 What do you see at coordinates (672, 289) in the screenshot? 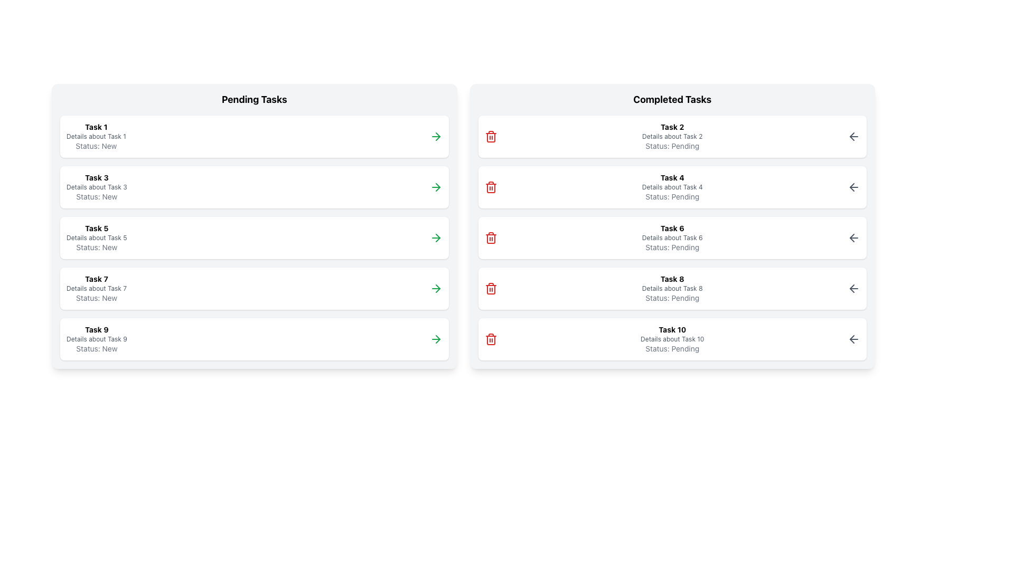
I see `the text label providing additional details about 'Task 8', positioned below its title and above the status information` at bounding box center [672, 289].